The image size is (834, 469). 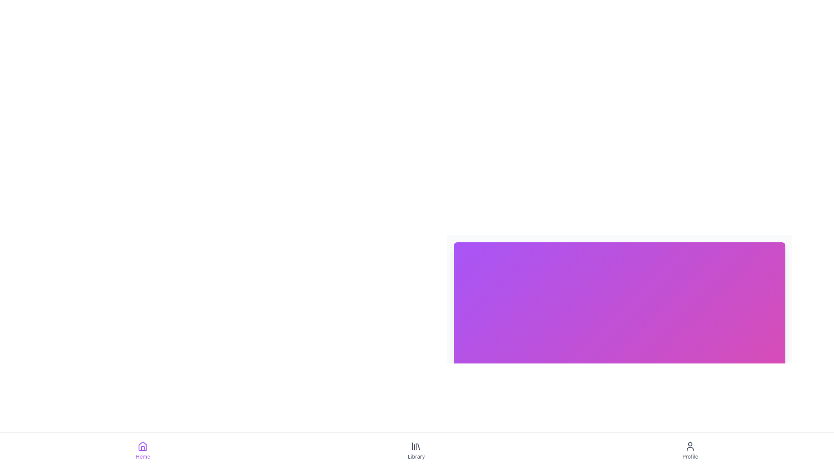 I want to click on the 'Home' icon located in the bottom navigation bar, so click(x=143, y=446).